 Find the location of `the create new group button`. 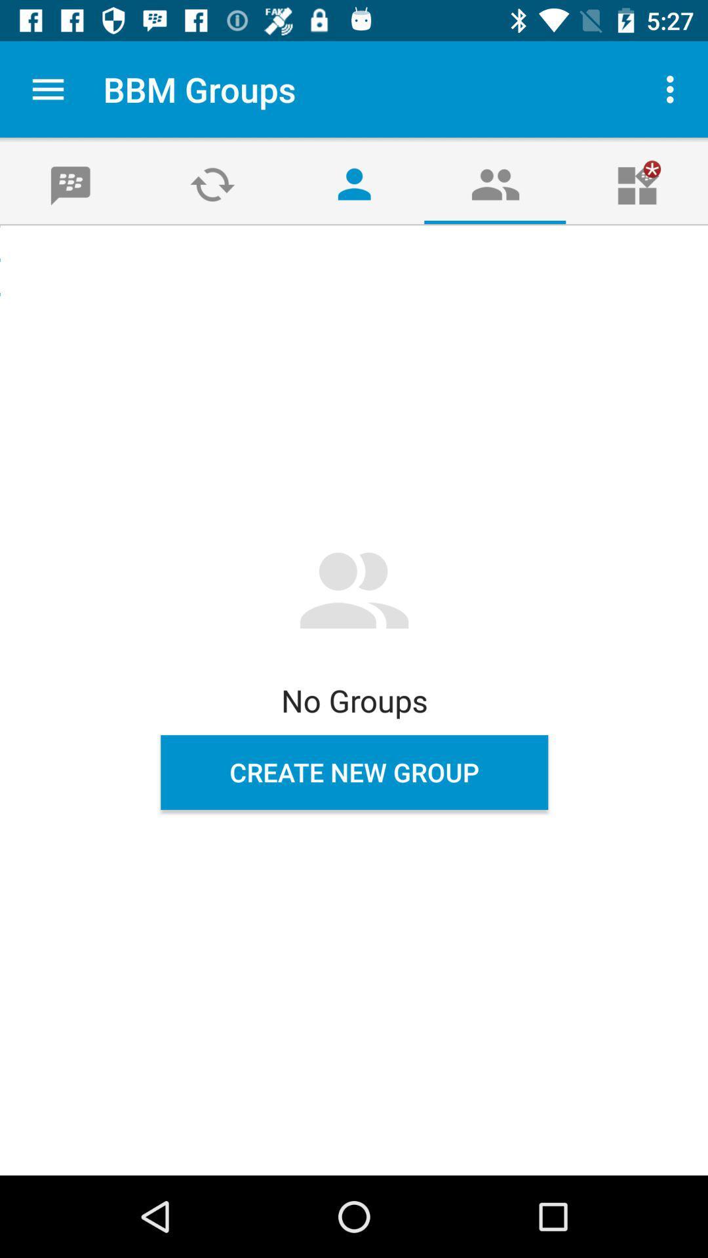

the create new group button is located at coordinates (354, 772).